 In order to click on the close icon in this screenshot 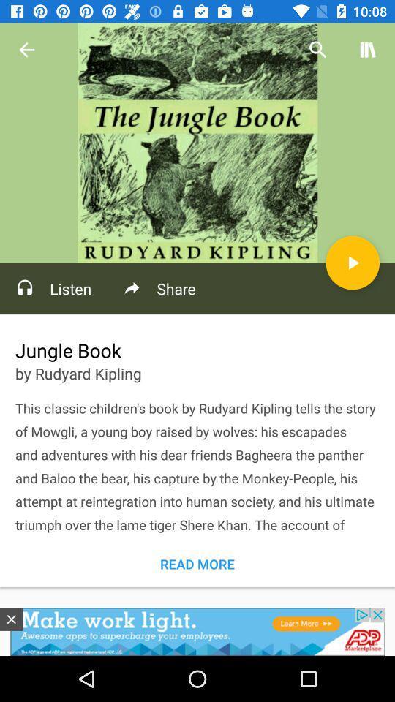, I will do `click(10, 619)`.